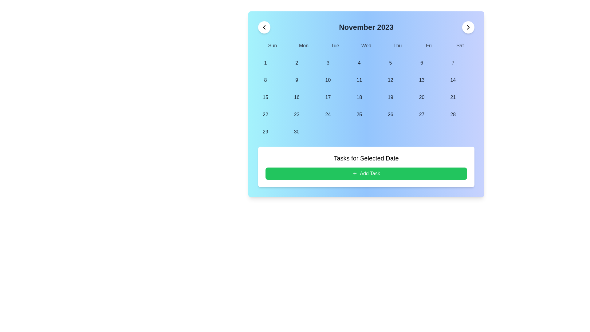 The width and height of the screenshot is (590, 332). I want to click on the text label 'Tue' which is the third day abbreviation in a row of day abbreviations near the top of the calendar interface, so click(335, 45).